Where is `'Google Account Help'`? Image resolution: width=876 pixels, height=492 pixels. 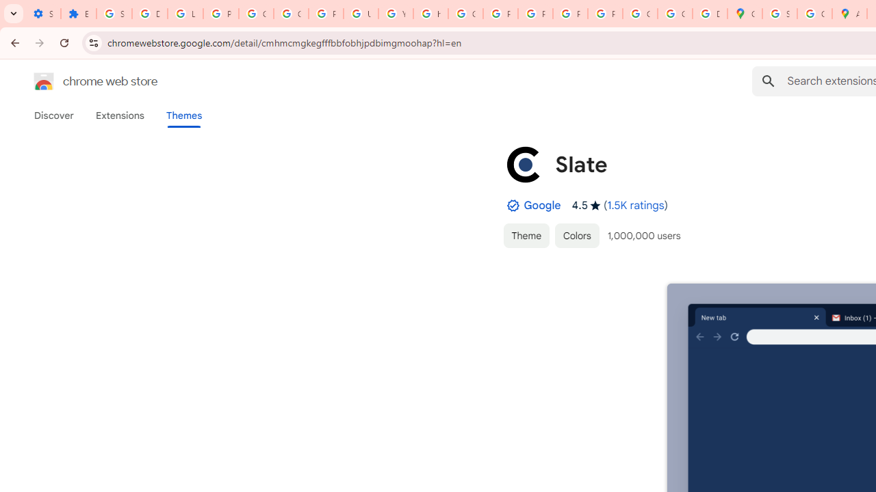
'Google Account Help' is located at coordinates (257, 14).